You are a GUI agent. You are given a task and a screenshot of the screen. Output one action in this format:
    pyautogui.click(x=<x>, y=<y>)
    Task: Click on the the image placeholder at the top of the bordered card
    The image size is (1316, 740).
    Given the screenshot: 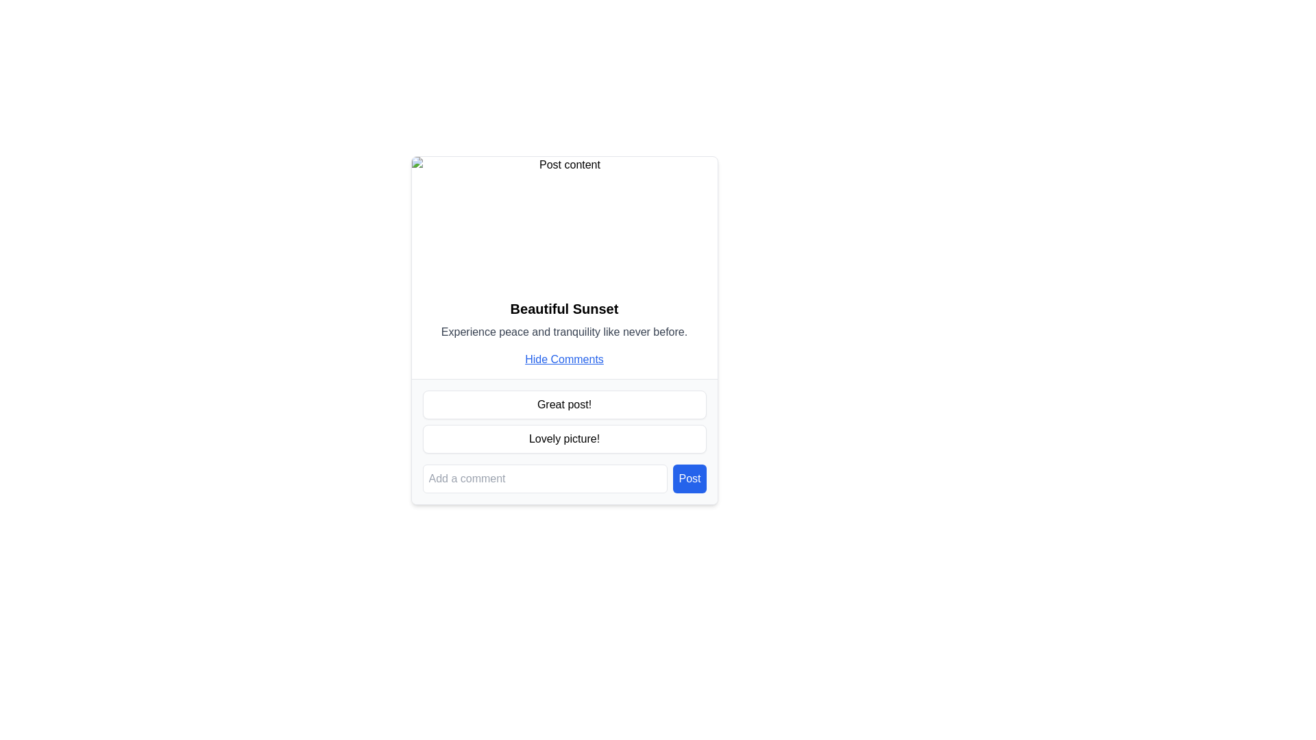 What is the action you would take?
    pyautogui.click(x=564, y=221)
    